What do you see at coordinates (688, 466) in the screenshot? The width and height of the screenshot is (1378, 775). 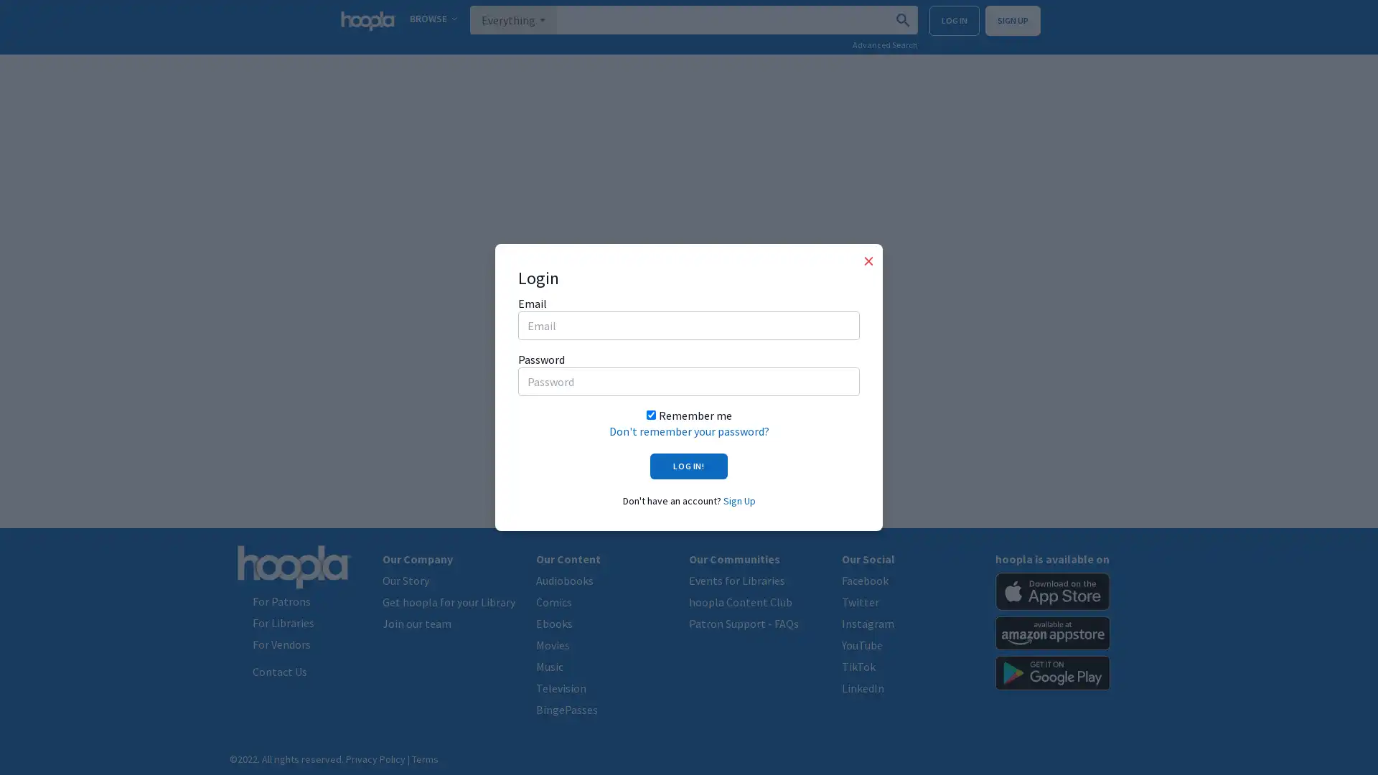 I see `LOG IN!` at bounding box center [688, 466].